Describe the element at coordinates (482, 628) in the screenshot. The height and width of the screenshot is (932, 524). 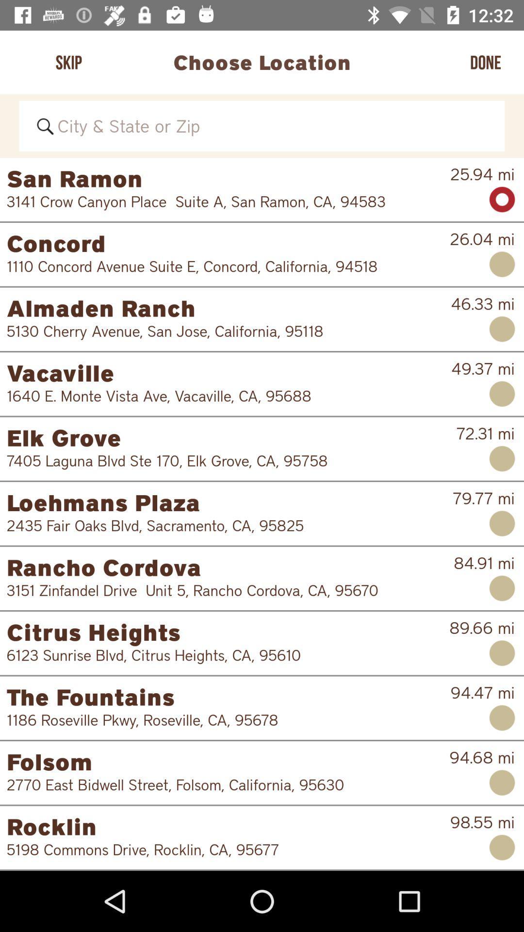
I see `89.66 mi icon` at that location.